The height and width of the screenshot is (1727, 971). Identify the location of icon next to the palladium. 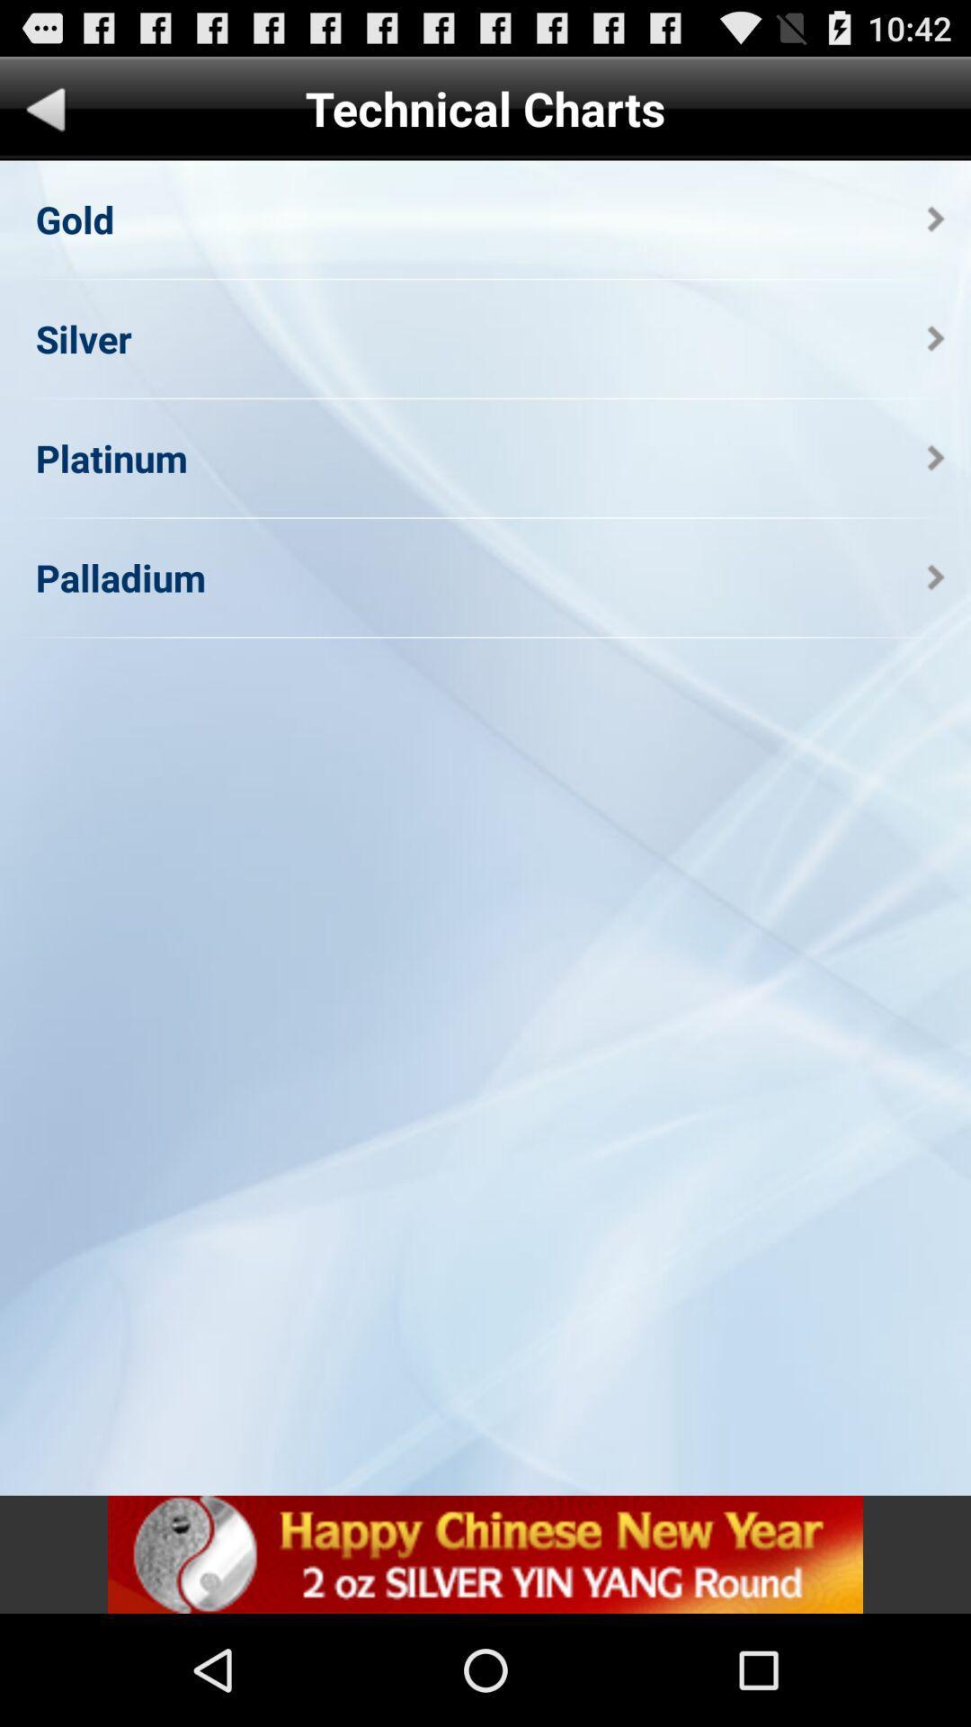
(935, 577).